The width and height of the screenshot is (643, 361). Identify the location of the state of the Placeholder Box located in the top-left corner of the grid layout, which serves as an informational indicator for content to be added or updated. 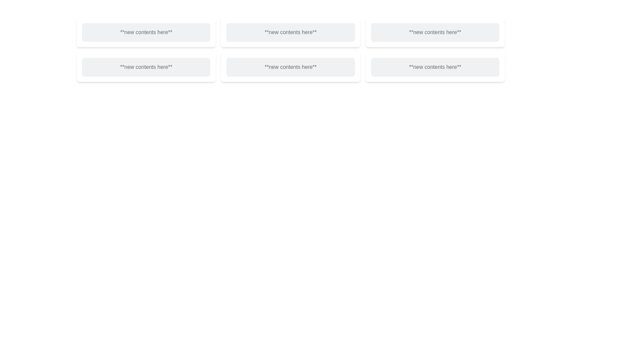
(146, 32).